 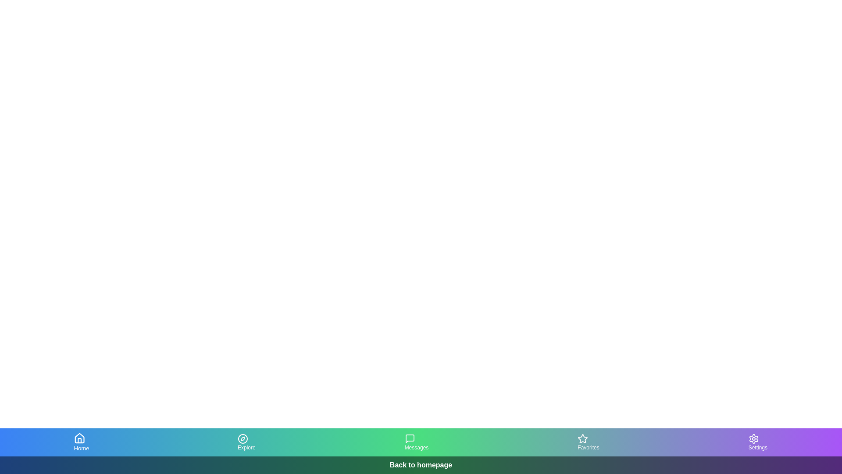 I want to click on the Messages tab in the bottom navigation bar, so click(x=416, y=442).